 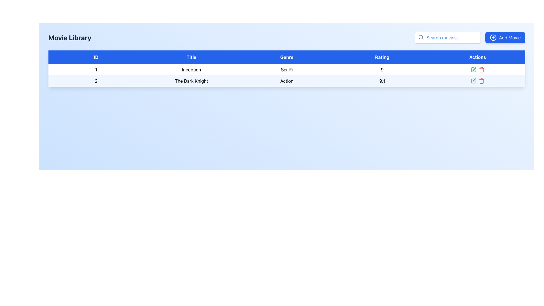 What do you see at coordinates (96, 69) in the screenshot?
I see `the unique identifier or serial number text element located in the 'ID' column of the upper section of the table` at bounding box center [96, 69].